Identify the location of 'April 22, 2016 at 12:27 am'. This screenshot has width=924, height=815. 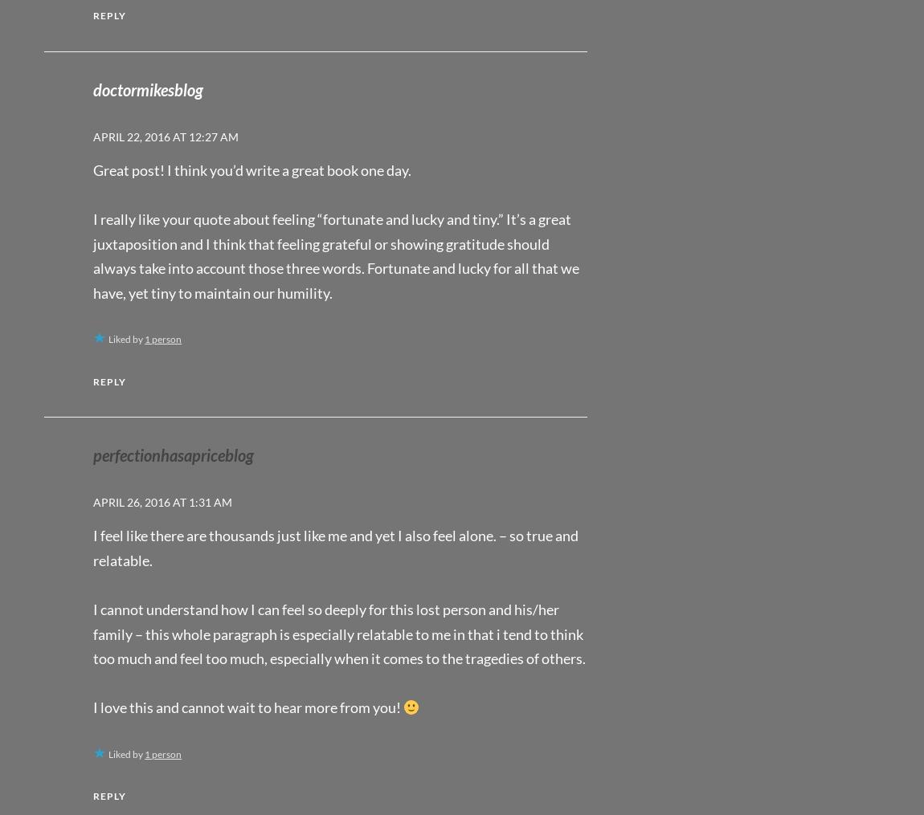
(92, 136).